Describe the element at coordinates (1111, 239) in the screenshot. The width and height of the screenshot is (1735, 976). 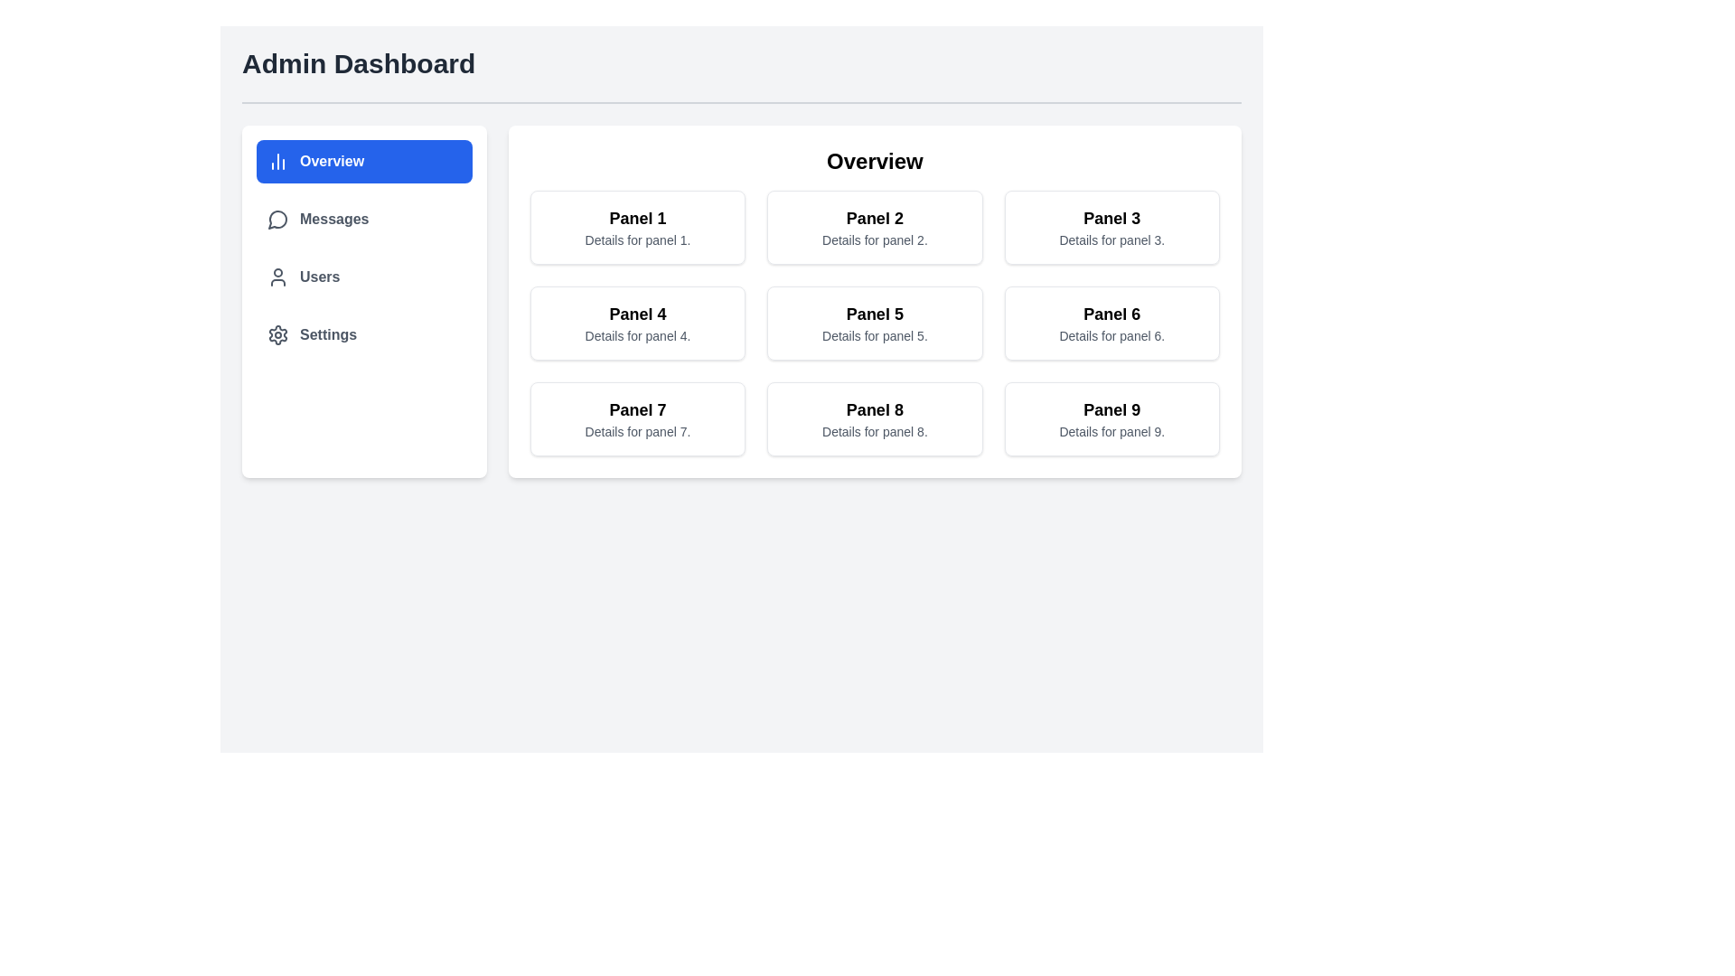
I see `the Static text label that reads 'Details for panel 3.' located beneath the title 'Panel 3' in the card-like panel structure` at that location.